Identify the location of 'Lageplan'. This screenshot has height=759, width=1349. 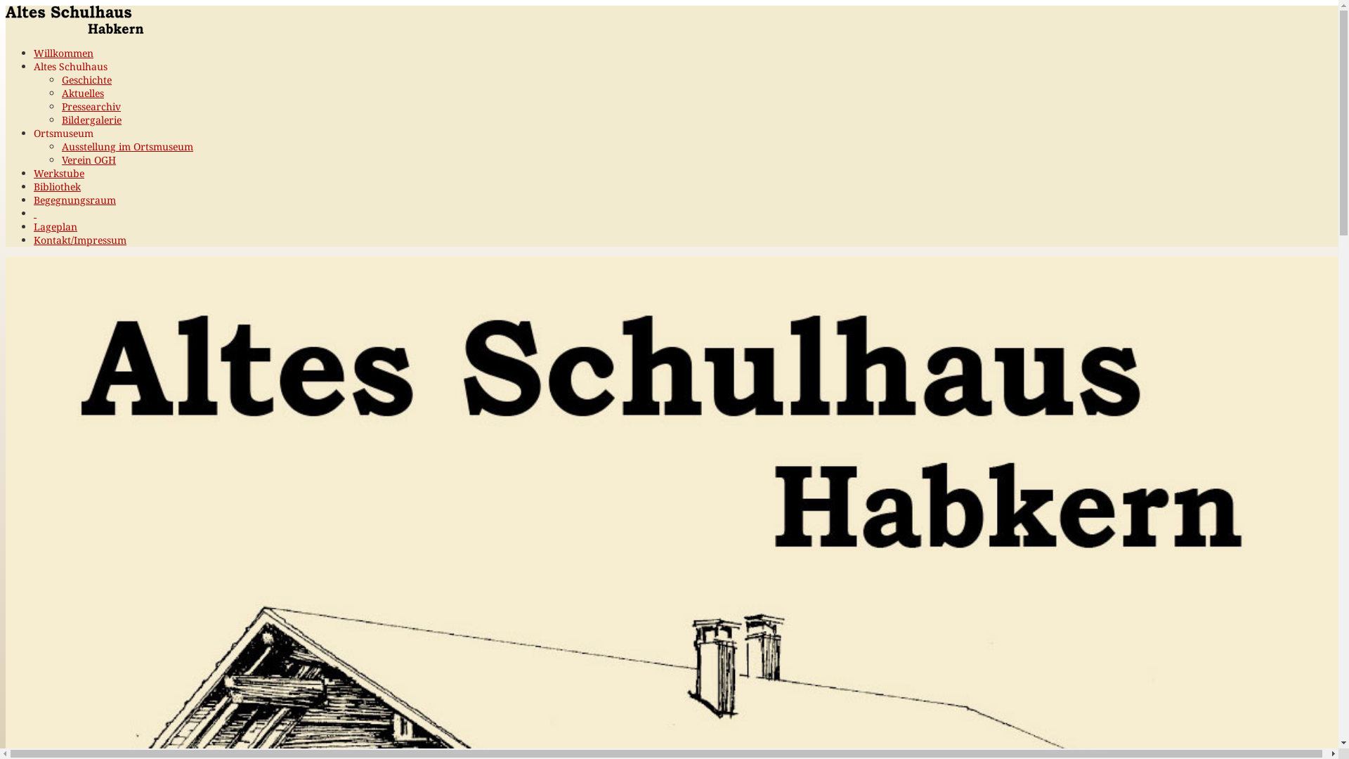
(55, 226).